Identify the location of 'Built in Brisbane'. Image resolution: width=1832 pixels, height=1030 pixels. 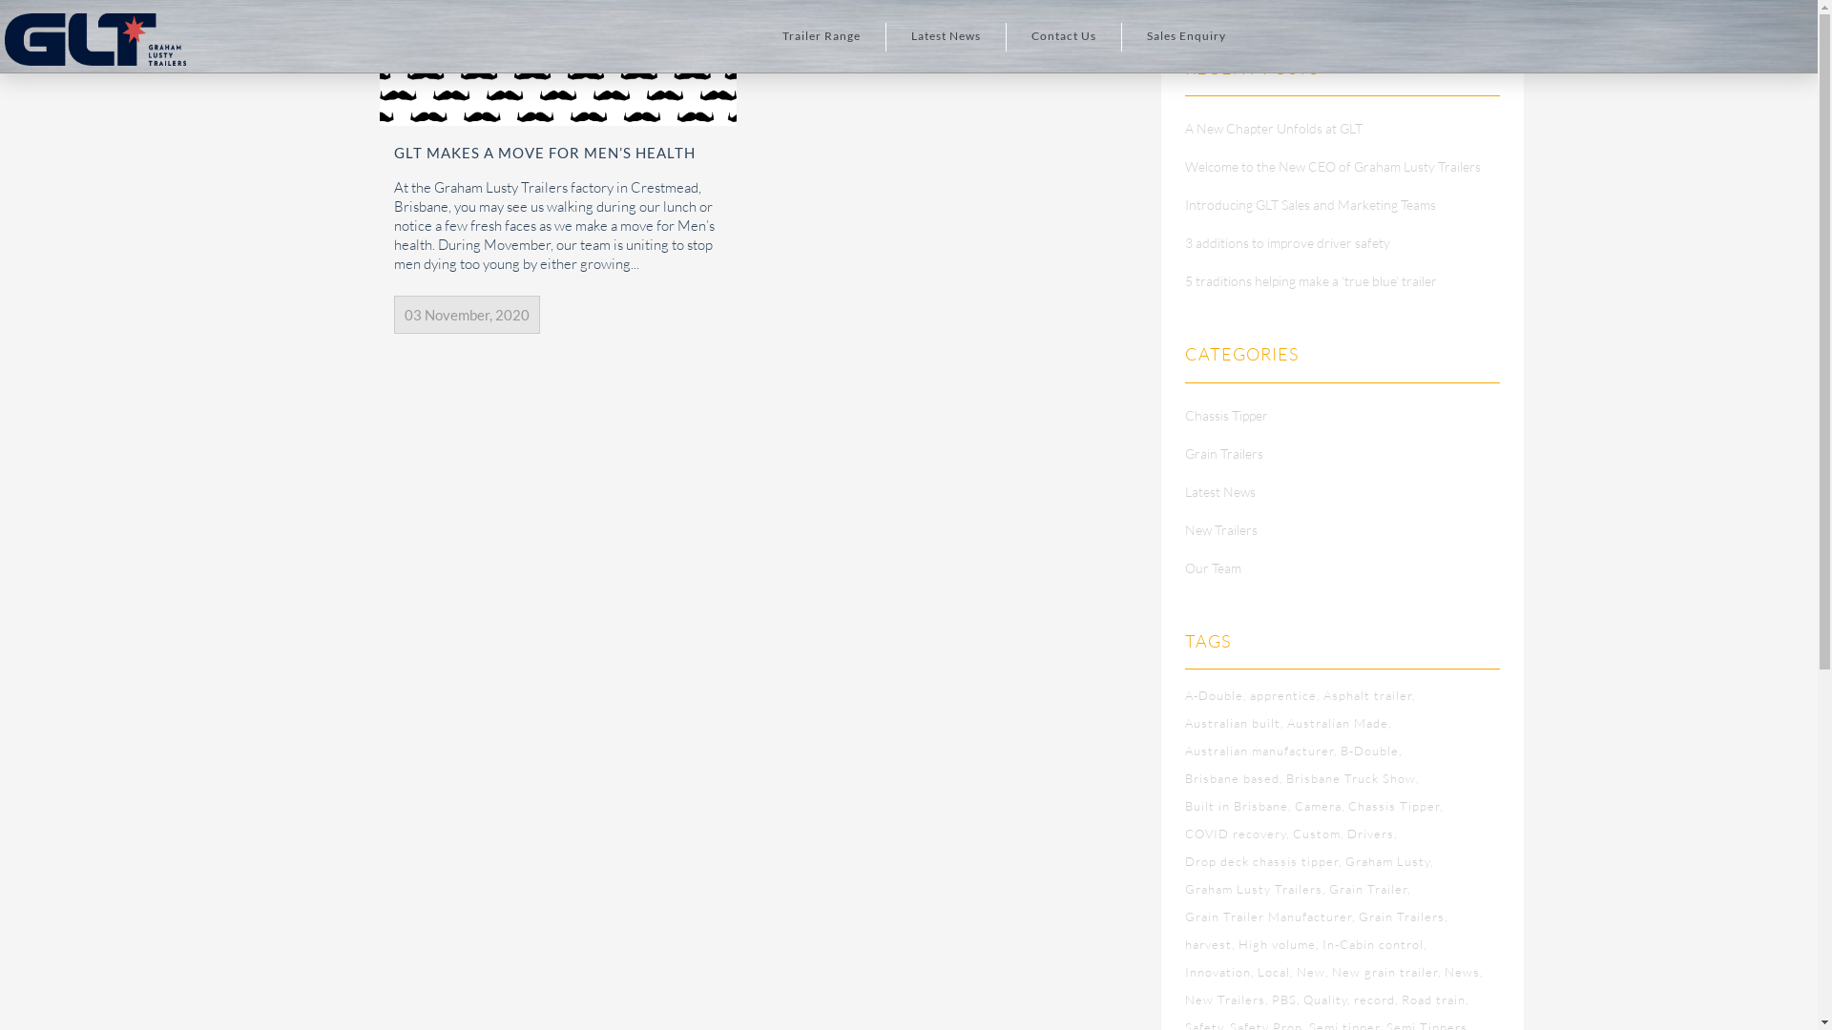
(1238, 805).